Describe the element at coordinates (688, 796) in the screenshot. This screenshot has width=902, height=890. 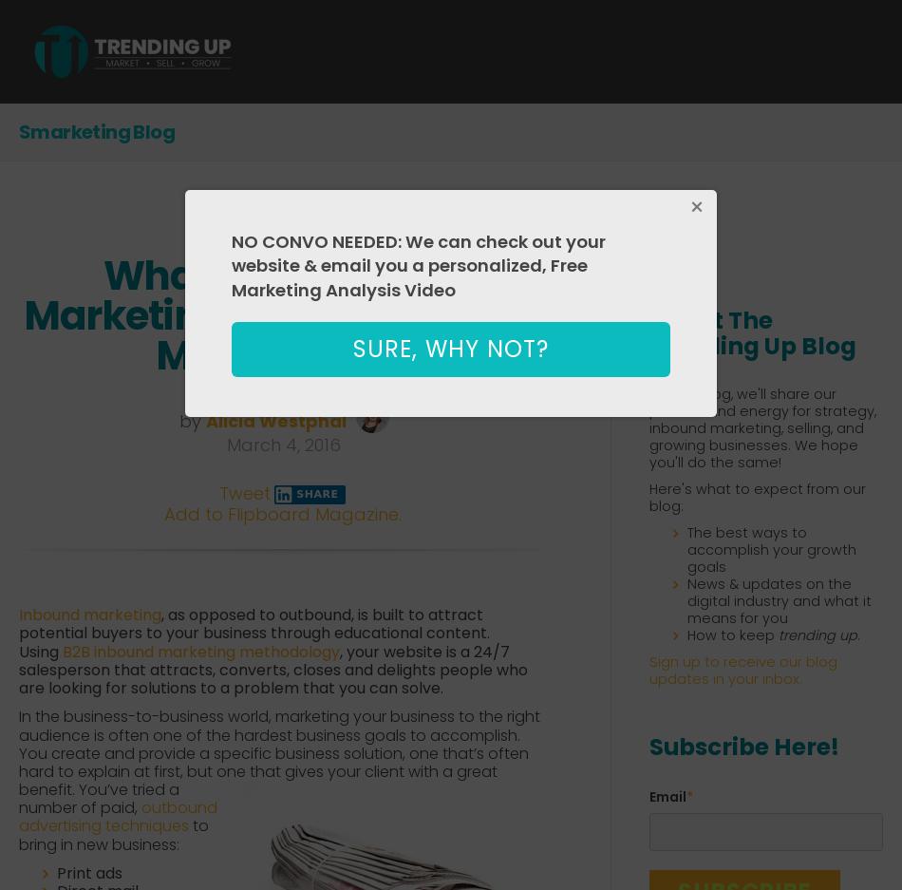
I see `'*'` at that location.